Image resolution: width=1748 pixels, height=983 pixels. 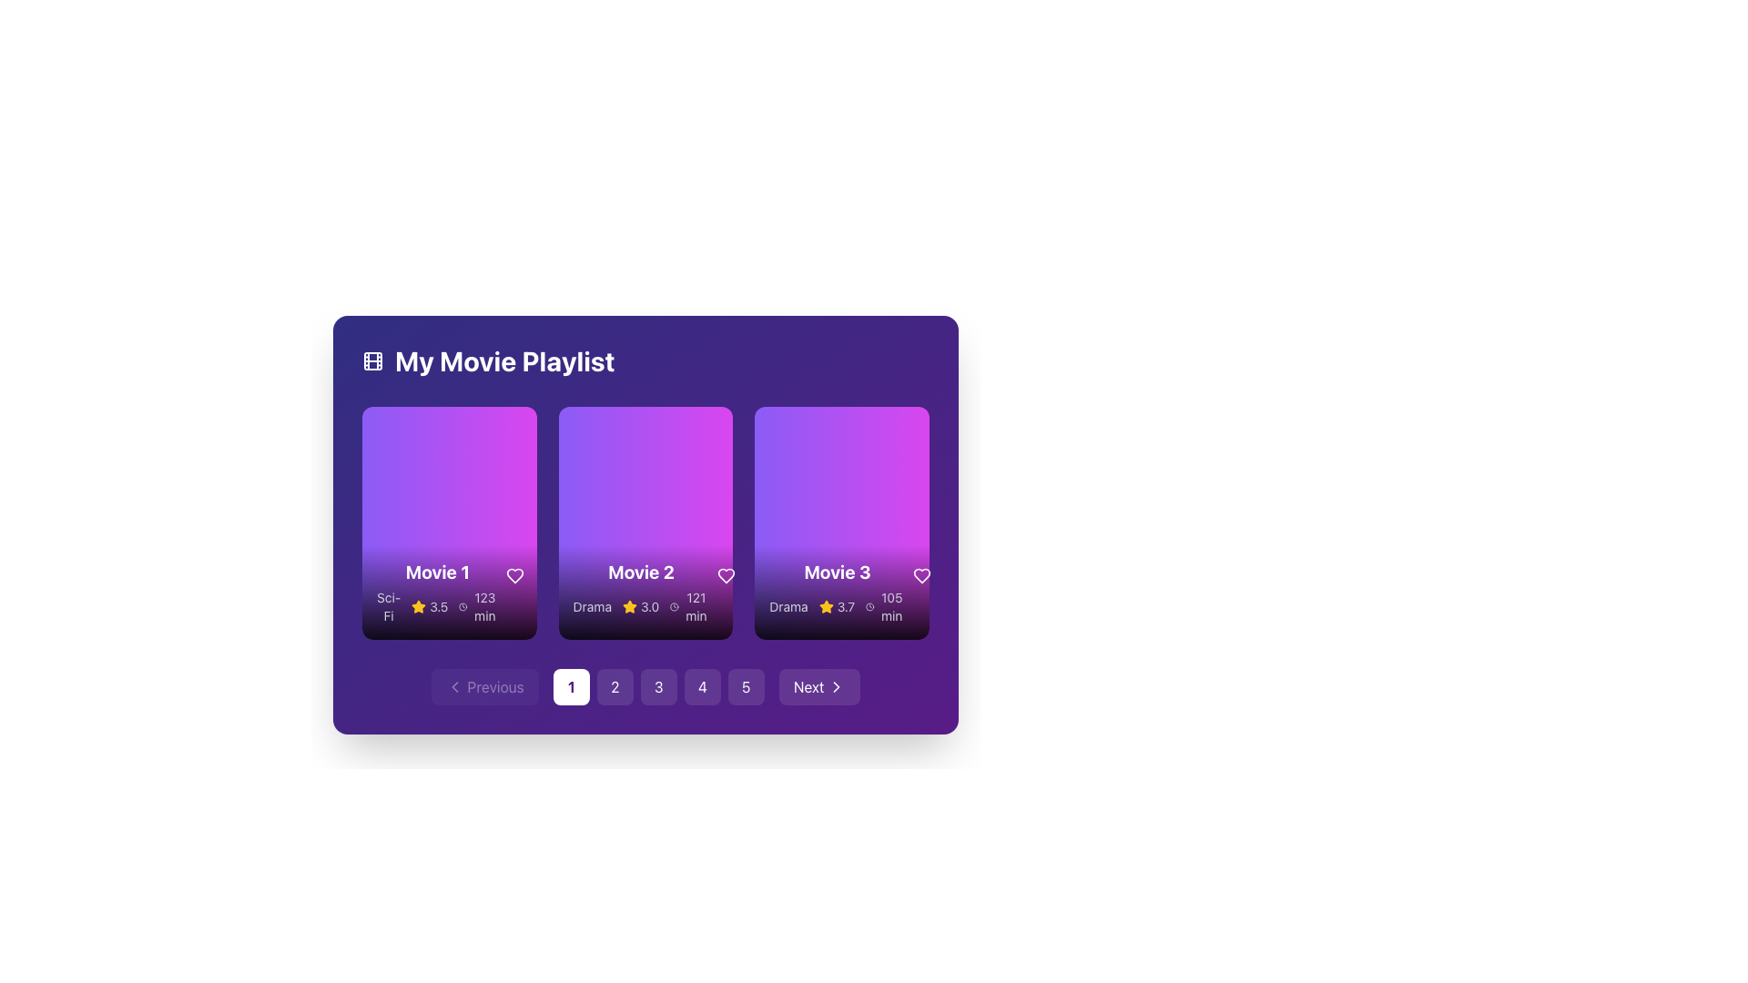 What do you see at coordinates (886, 607) in the screenshot?
I see `the 'Movie 3' card by targeting the text label with icon that indicates the movie duration located at the bottom right of the card` at bounding box center [886, 607].